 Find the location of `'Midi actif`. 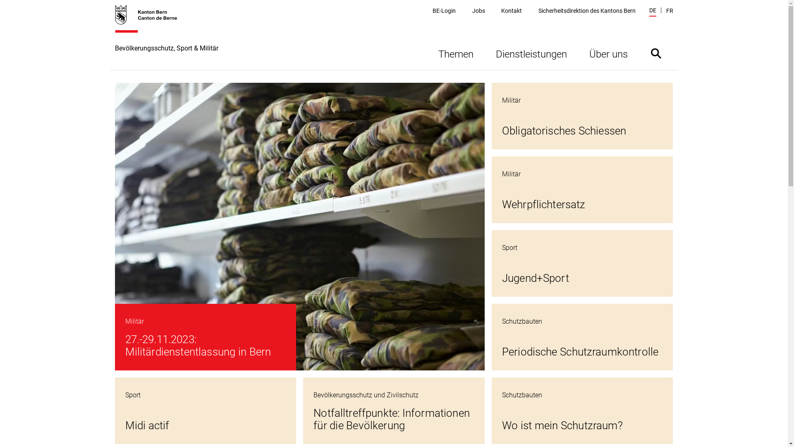

'Midi actif is located at coordinates (206, 411).